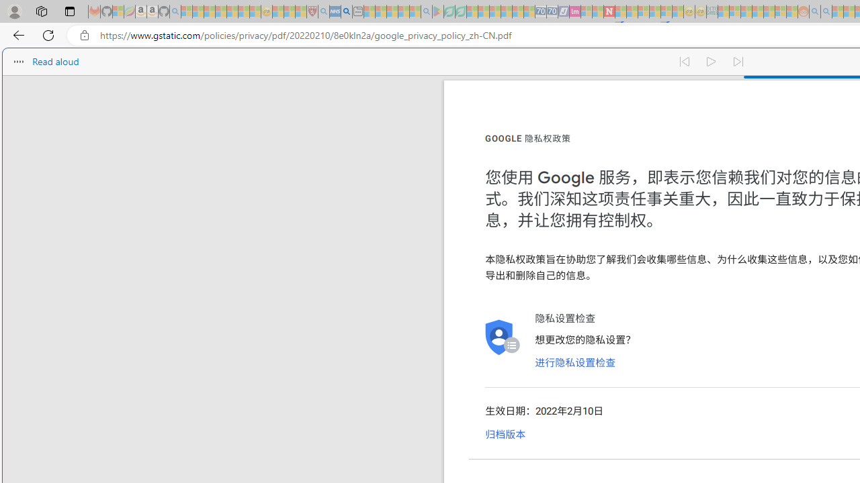 Image resolution: width=860 pixels, height=483 pixels. I want to click on 'Read previous paragraph', so click(684, 62).